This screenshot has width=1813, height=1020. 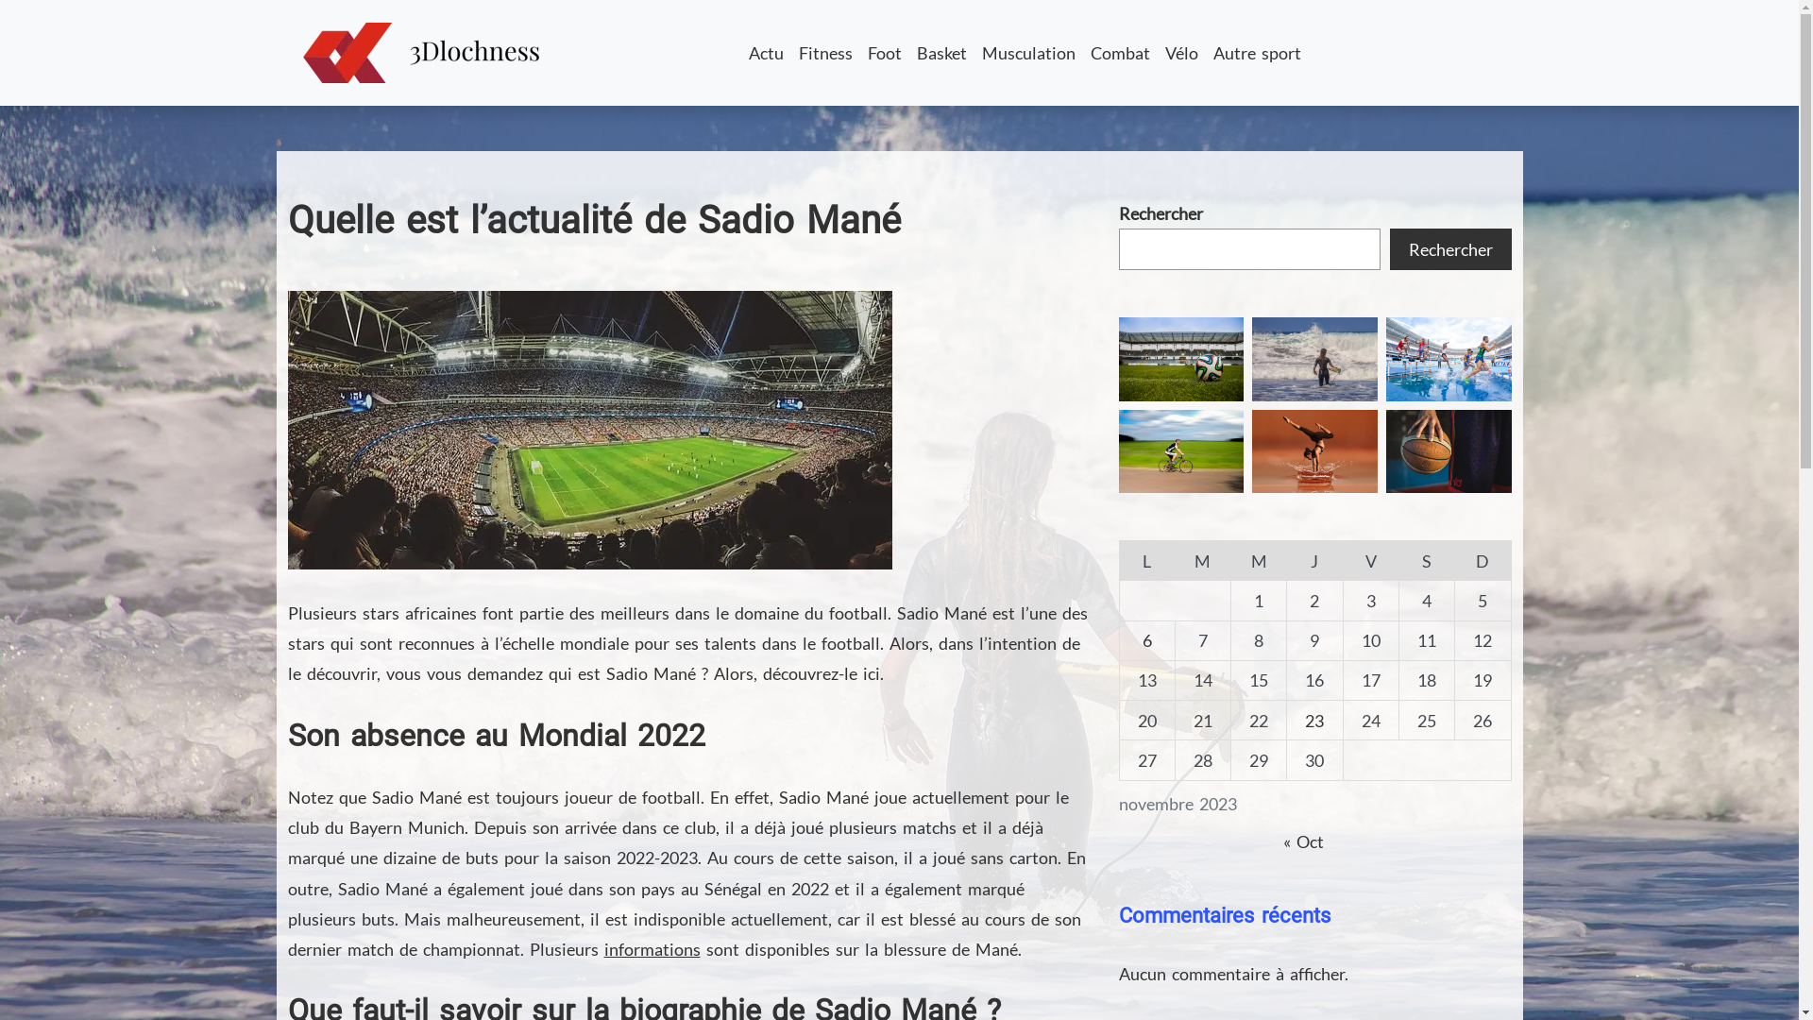 I want to click on '23', so click(x=1313, y=721).